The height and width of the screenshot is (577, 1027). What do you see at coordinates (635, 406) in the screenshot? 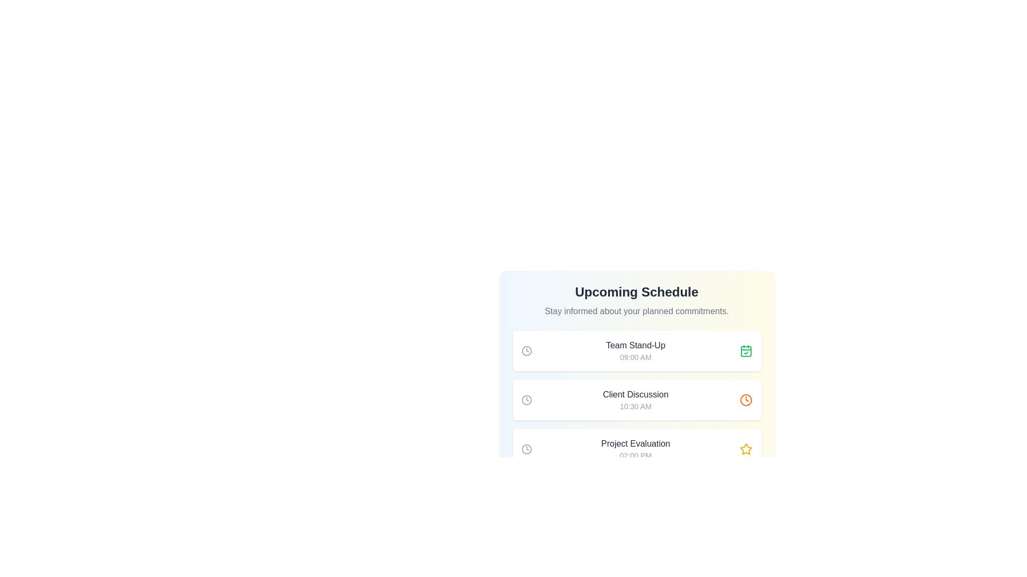
I see `the text label that displays the scheduled time for the 'Client Discussion' entry, which is located underneath the 'Client Discussion' text` at bounding box center [635, 406].